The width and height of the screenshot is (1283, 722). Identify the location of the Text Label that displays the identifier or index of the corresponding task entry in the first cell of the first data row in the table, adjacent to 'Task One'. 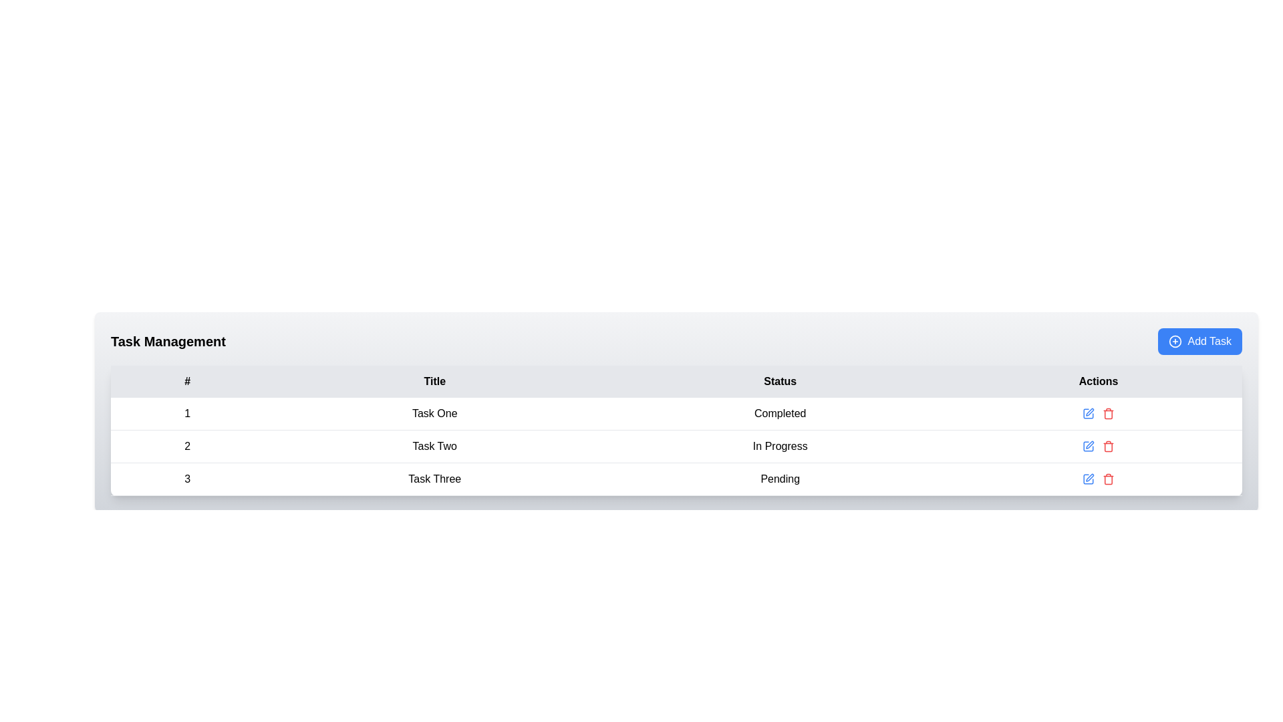
(186, 413).